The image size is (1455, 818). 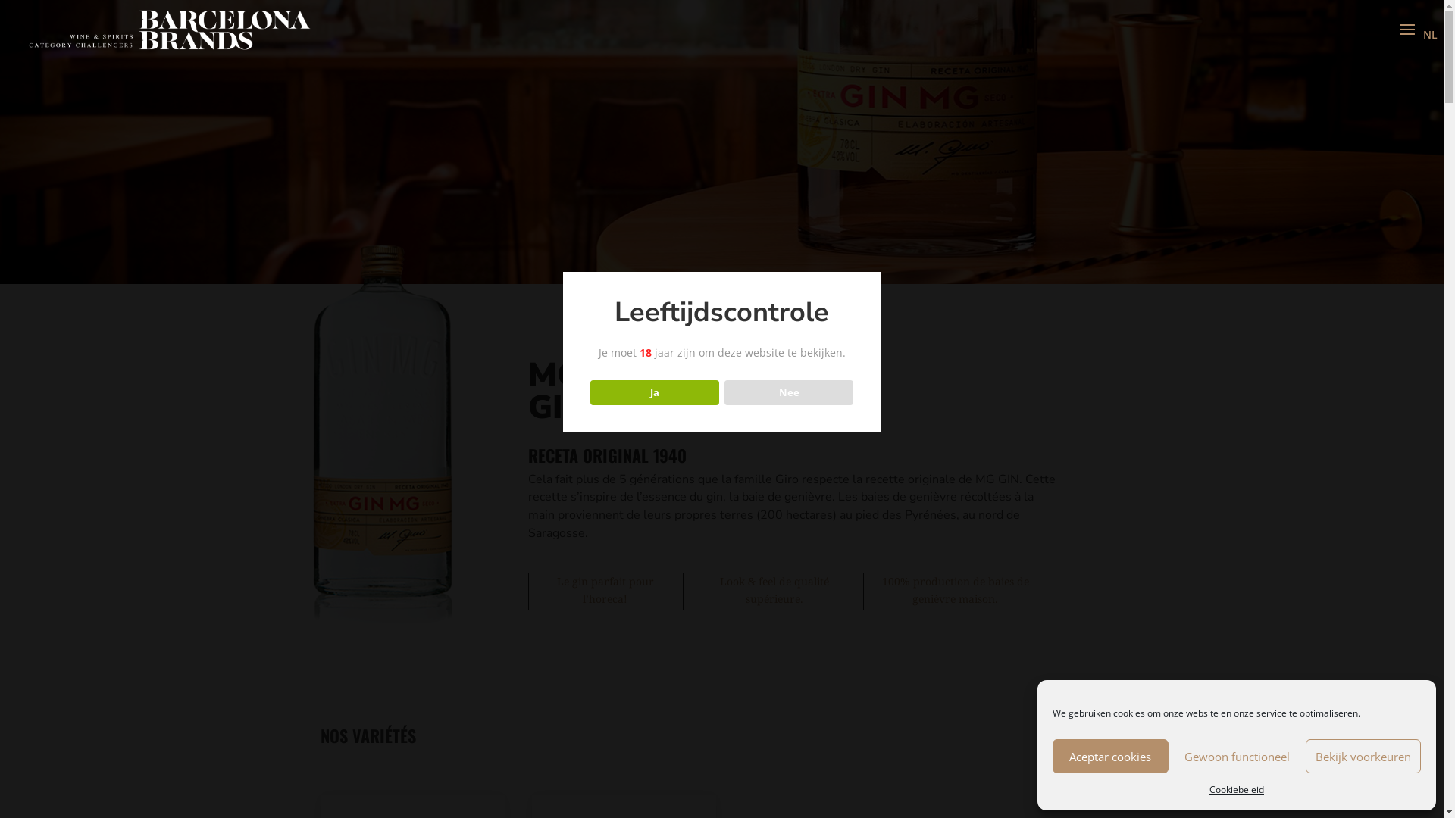 What do you see at coordinates (1429, 34) in the screenshot?
I see `'NL'` at bounding box center [1429, 34].